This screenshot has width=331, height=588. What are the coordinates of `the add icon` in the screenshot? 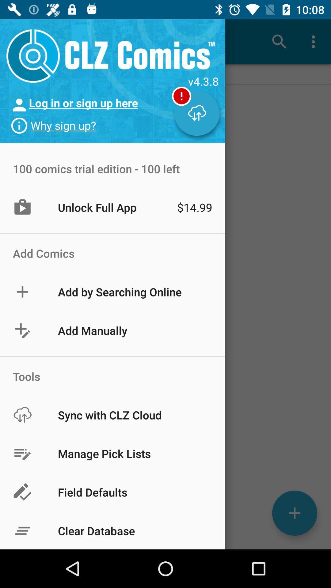 It's located at (294, 513).